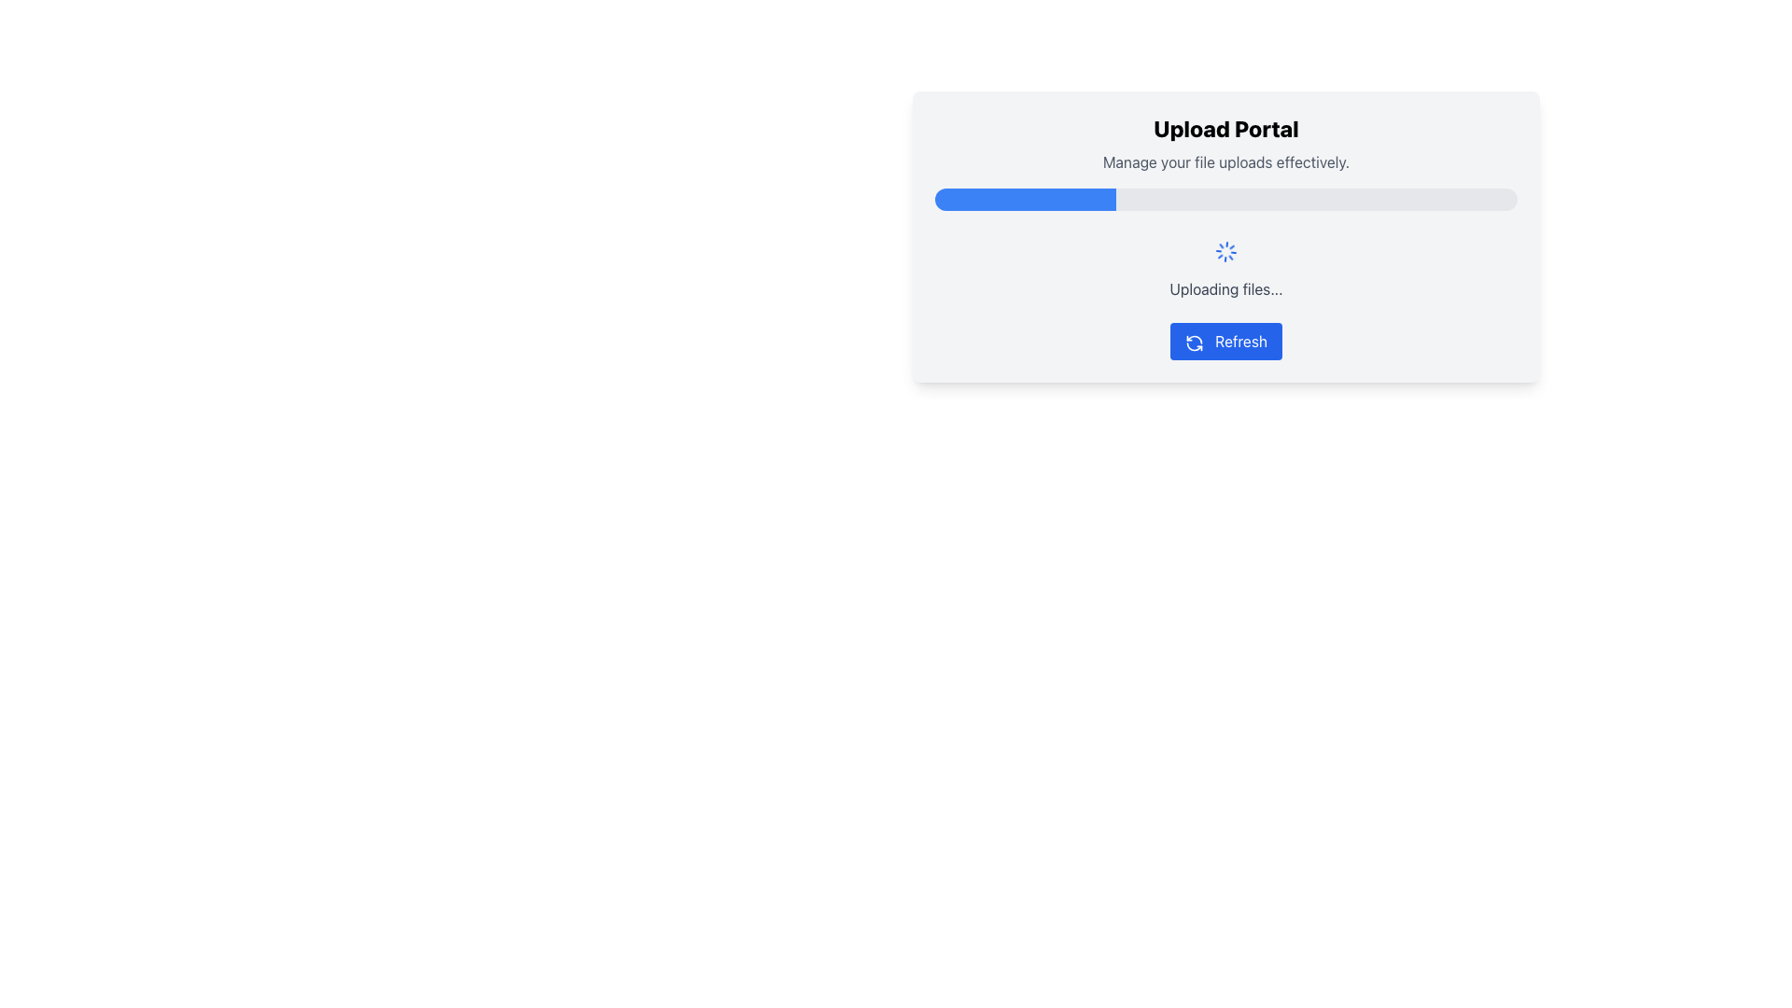  What do you see at coordinates (1226, 342) in the screenshot?
I see `the refresh button located at the bottom center of the 'Upload Portal' panel to observe the hover styles` at bounding box center [1226, 342].